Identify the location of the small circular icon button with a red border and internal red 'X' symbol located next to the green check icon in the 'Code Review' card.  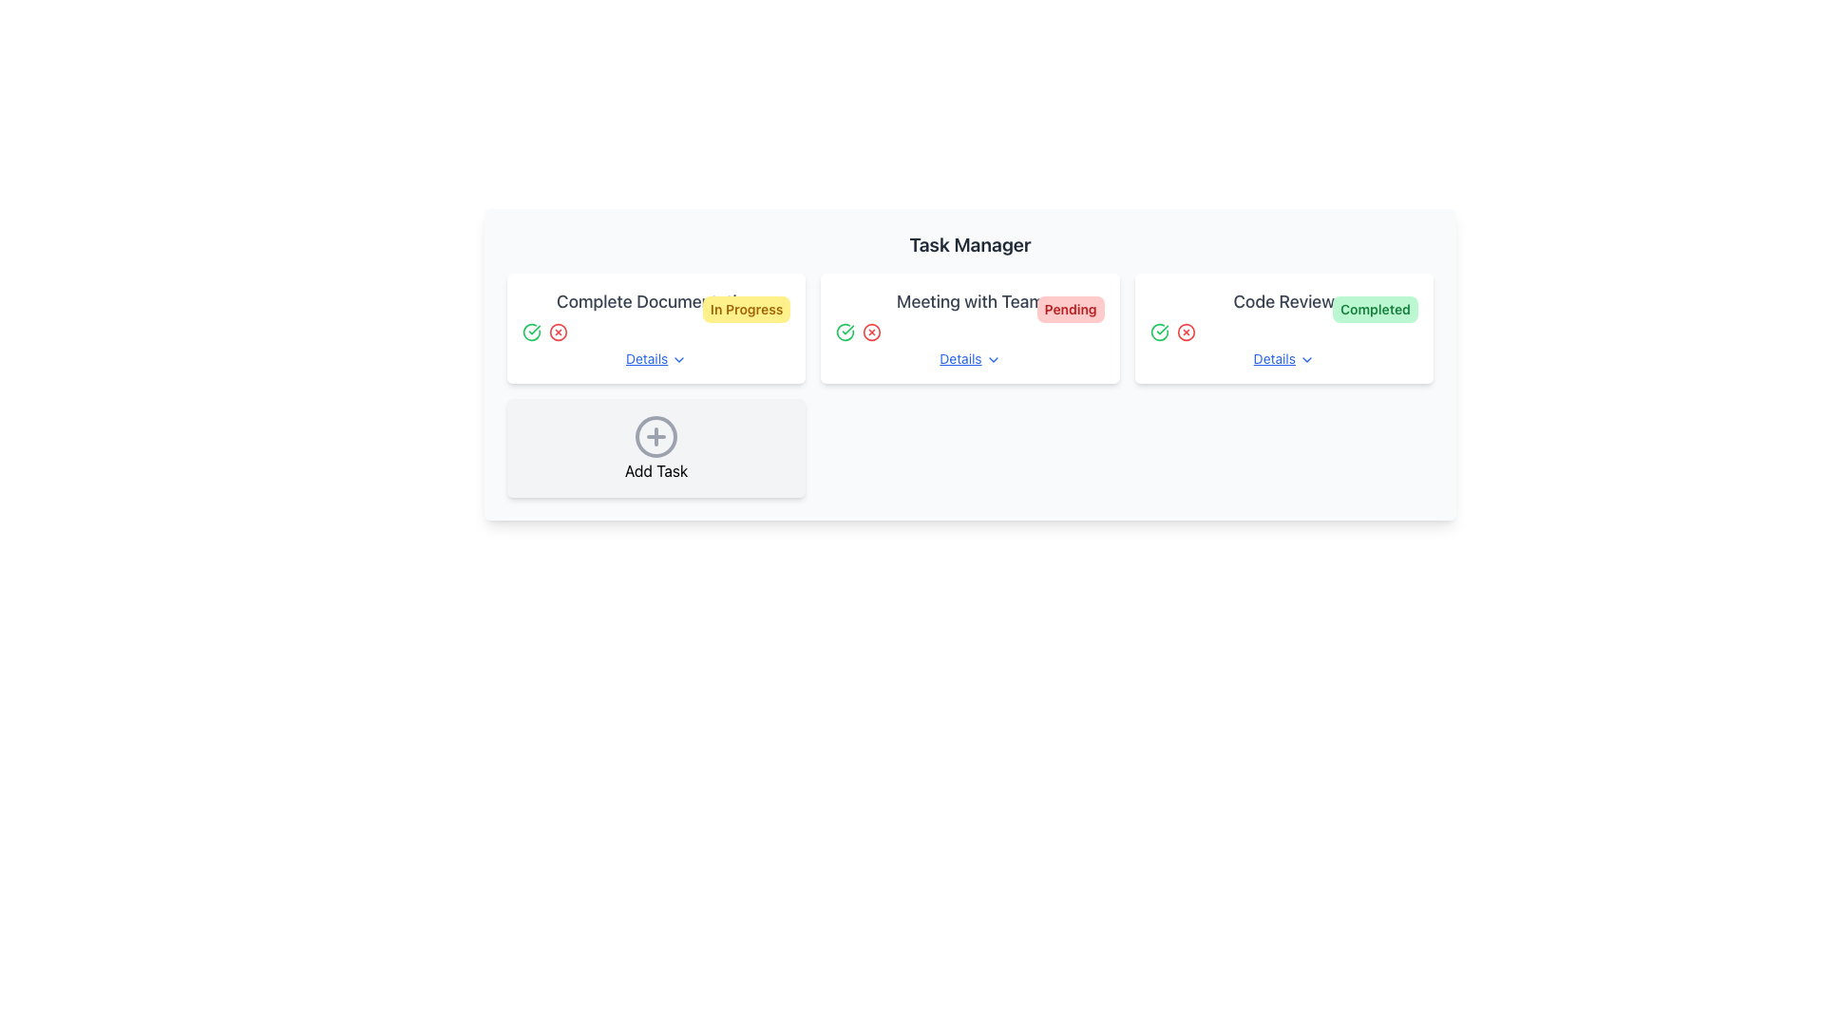
(1185, 332).